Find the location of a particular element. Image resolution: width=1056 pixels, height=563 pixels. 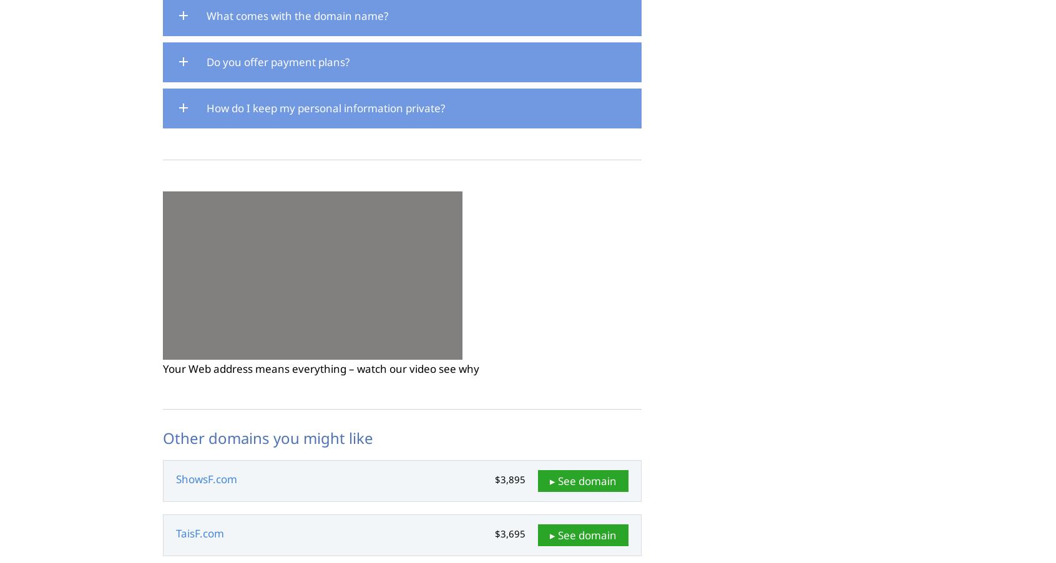

'Your Web address means everything – watch our video see why' is located at coordinates (321, 368).